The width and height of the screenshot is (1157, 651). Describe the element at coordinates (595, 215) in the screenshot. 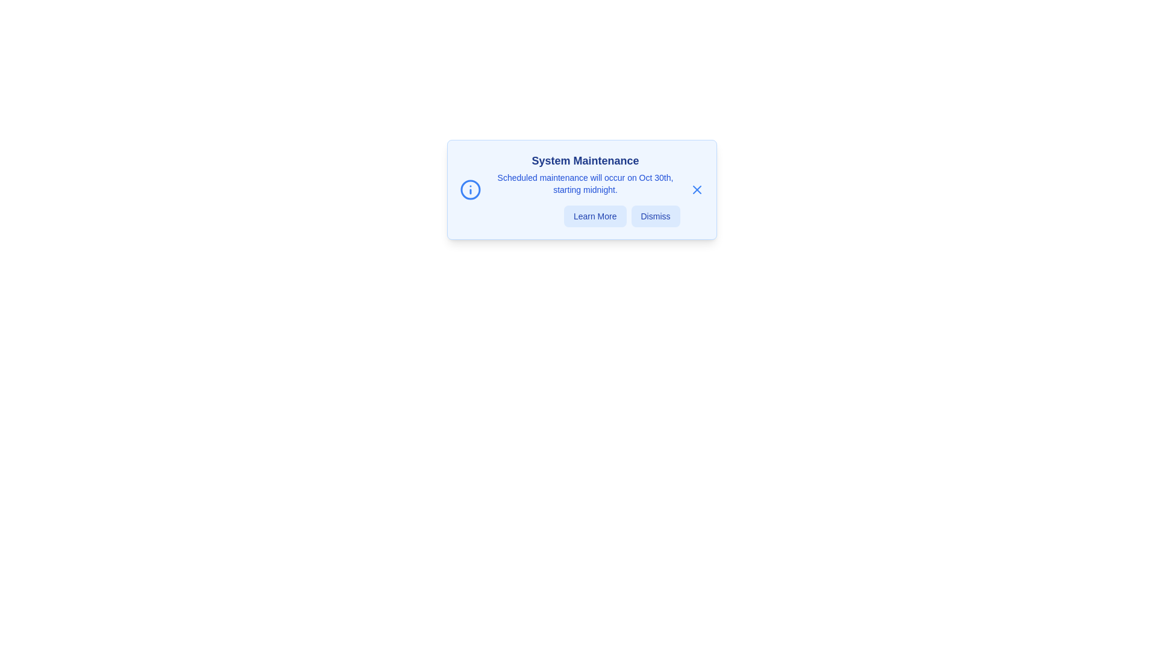

I see `the button positioned to the left of the 'Dismiss' button` at that location.